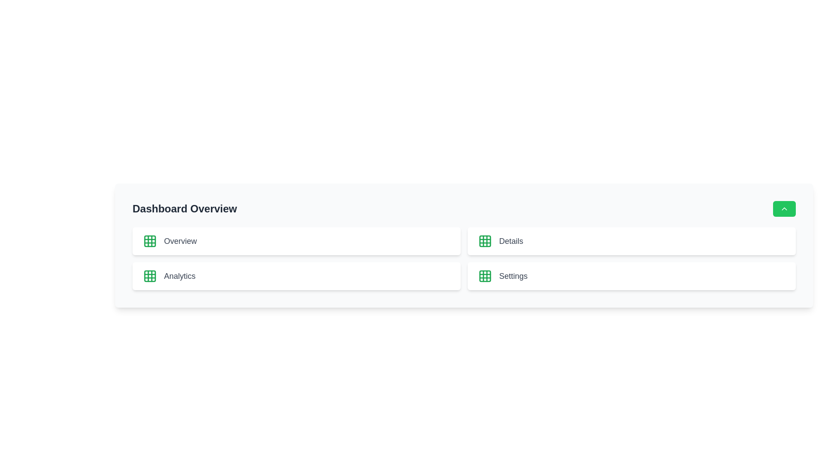 The image size is (840, 472). What do you see at coordinates (180, 241) in the screenshot?
I see `the text label displaying 'Overview' in gray font, which is located in the first row of options under the 'Dashboard Overview' header, to the right of the green grid icon` at bounding box center [180, 241].